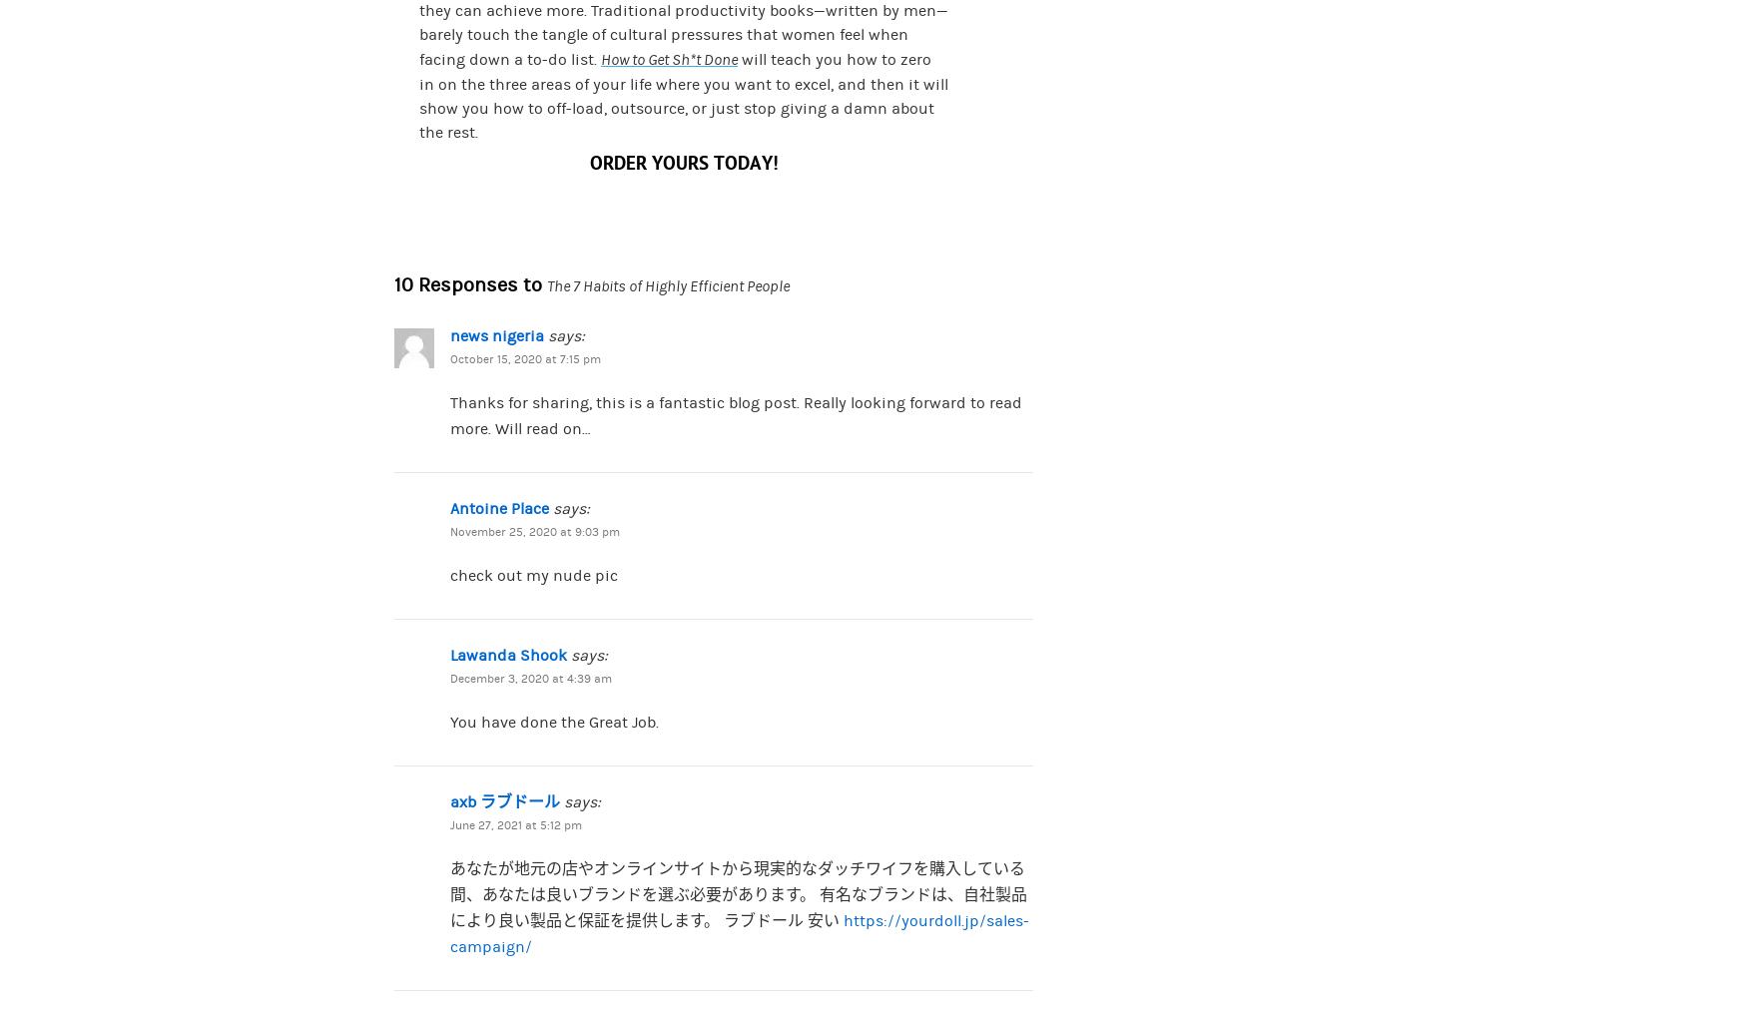  What do you see at coordinates (532, 575) in the screenshot?
I see `'check out my nude pic'` at bounding box center [532, 575].